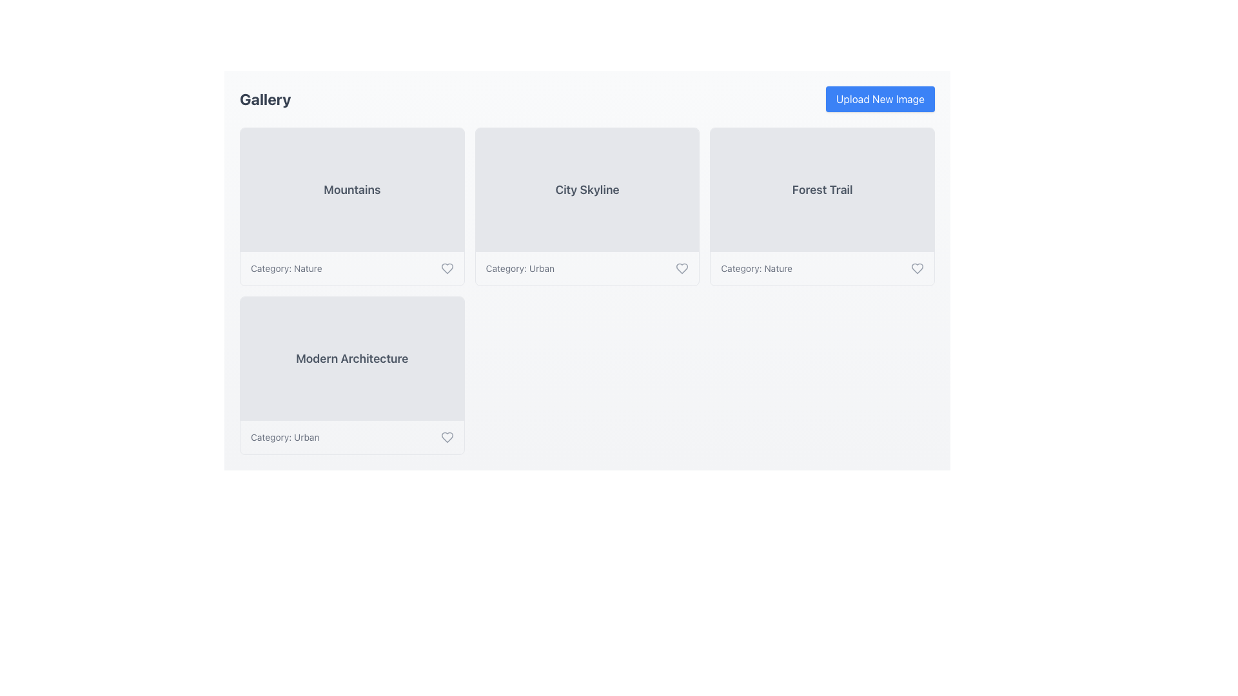 The image size is (1238, 696). I want to click on the Text Label displaying 'Category: Nature' located in the rightmost card of the second row, aligned to the bottom-left corner of the card, so click(756, 267).